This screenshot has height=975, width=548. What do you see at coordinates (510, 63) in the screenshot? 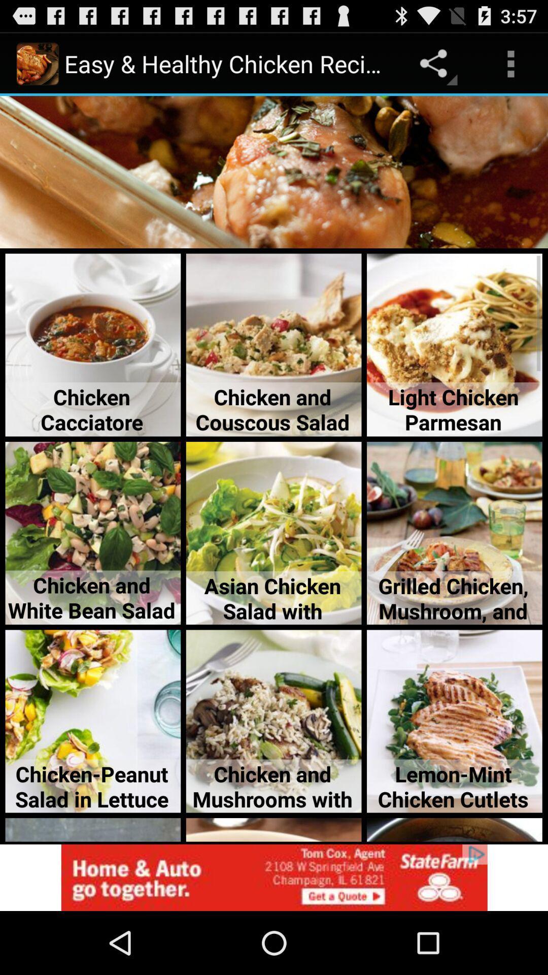
I see `the menu icon which is at the top right side of the page` at bounding box center [510, 63].